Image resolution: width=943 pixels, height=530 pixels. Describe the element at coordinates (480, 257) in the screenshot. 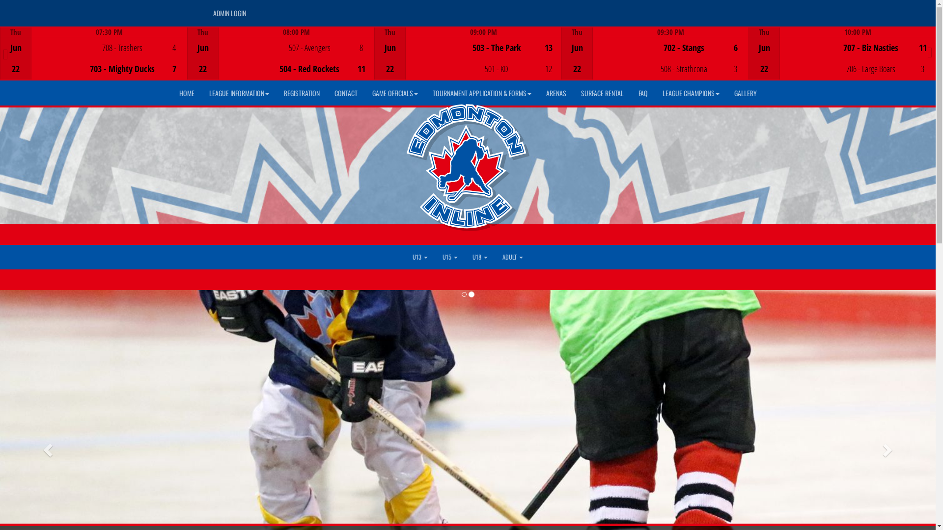

I see `'U18'` at that location.